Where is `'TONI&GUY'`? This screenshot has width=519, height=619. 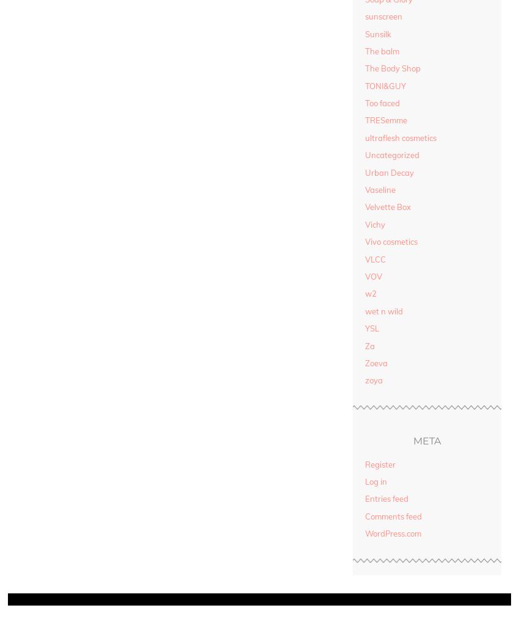 'TONI&GUY' is located at coordinates (385, 85).